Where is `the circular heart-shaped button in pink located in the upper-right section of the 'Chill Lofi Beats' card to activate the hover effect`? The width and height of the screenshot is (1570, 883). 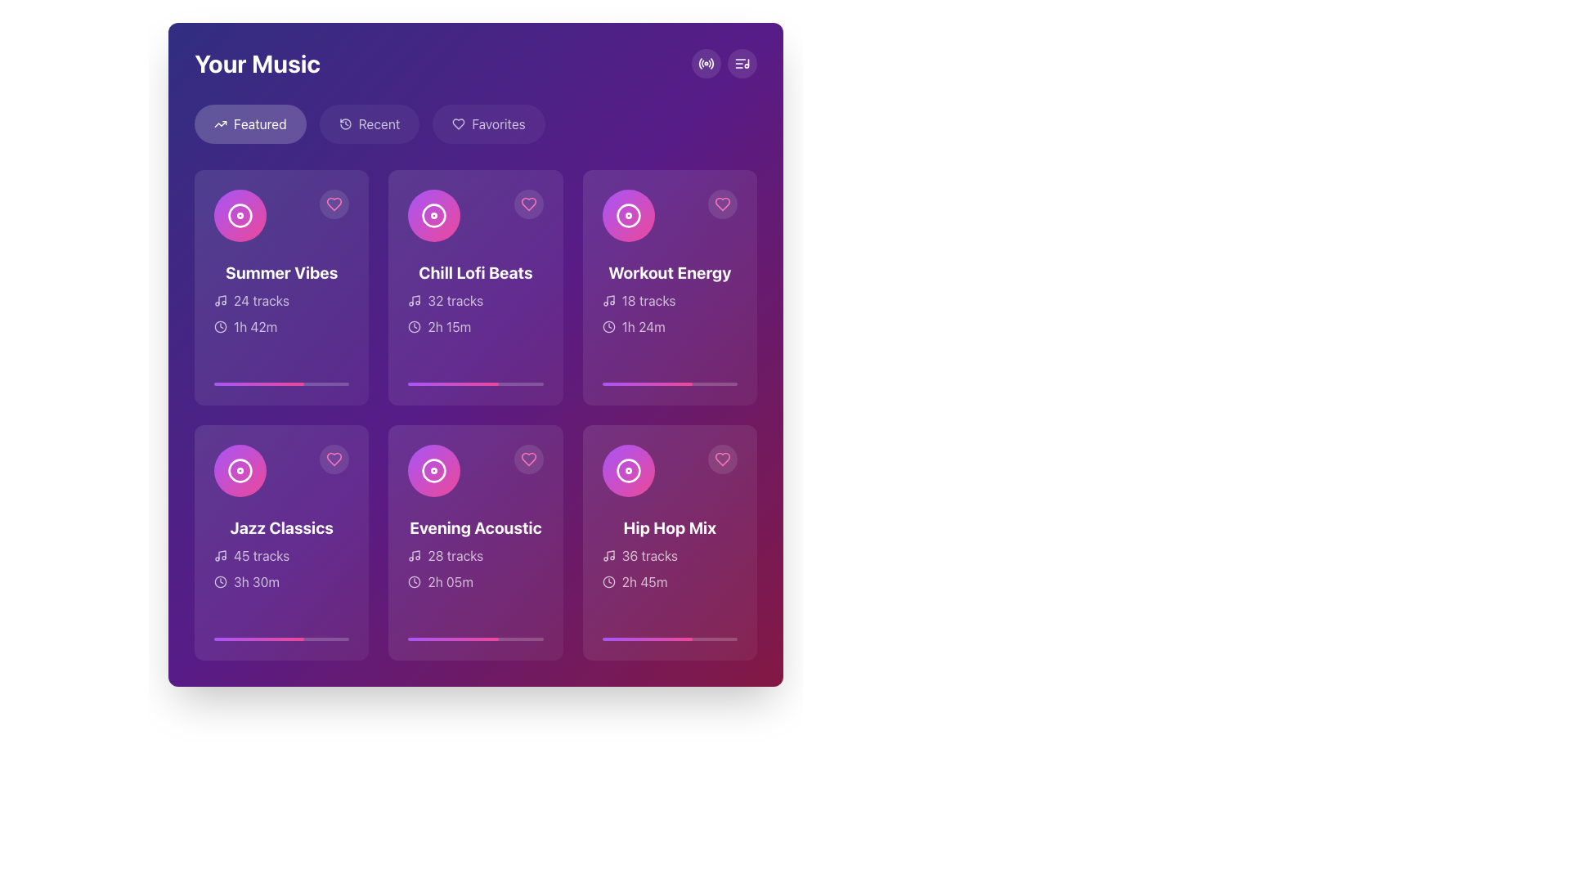 the circular heart-shaped button in pink located in the upper-right section of the 'Chill Lofi Beats' card to activate the hover effect is located at coordinates (528, 204).